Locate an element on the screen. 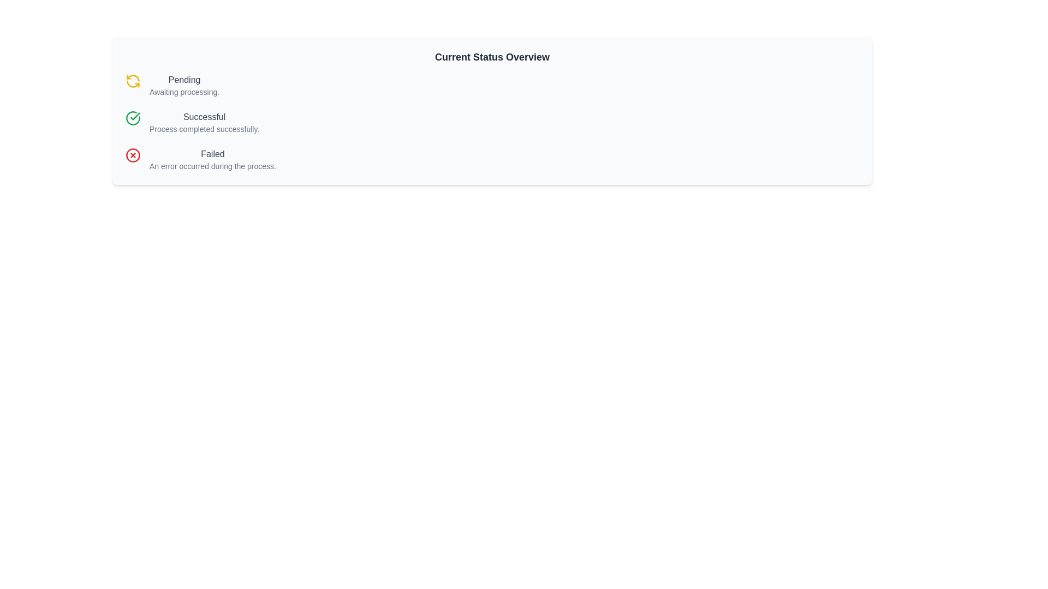  the icon that indicates a successful status within the status overview card, located in the middle of a three-item vertical status list adjacent to the 'Successful' label and above the 'Failed' label is located at coordinates (133, 118).